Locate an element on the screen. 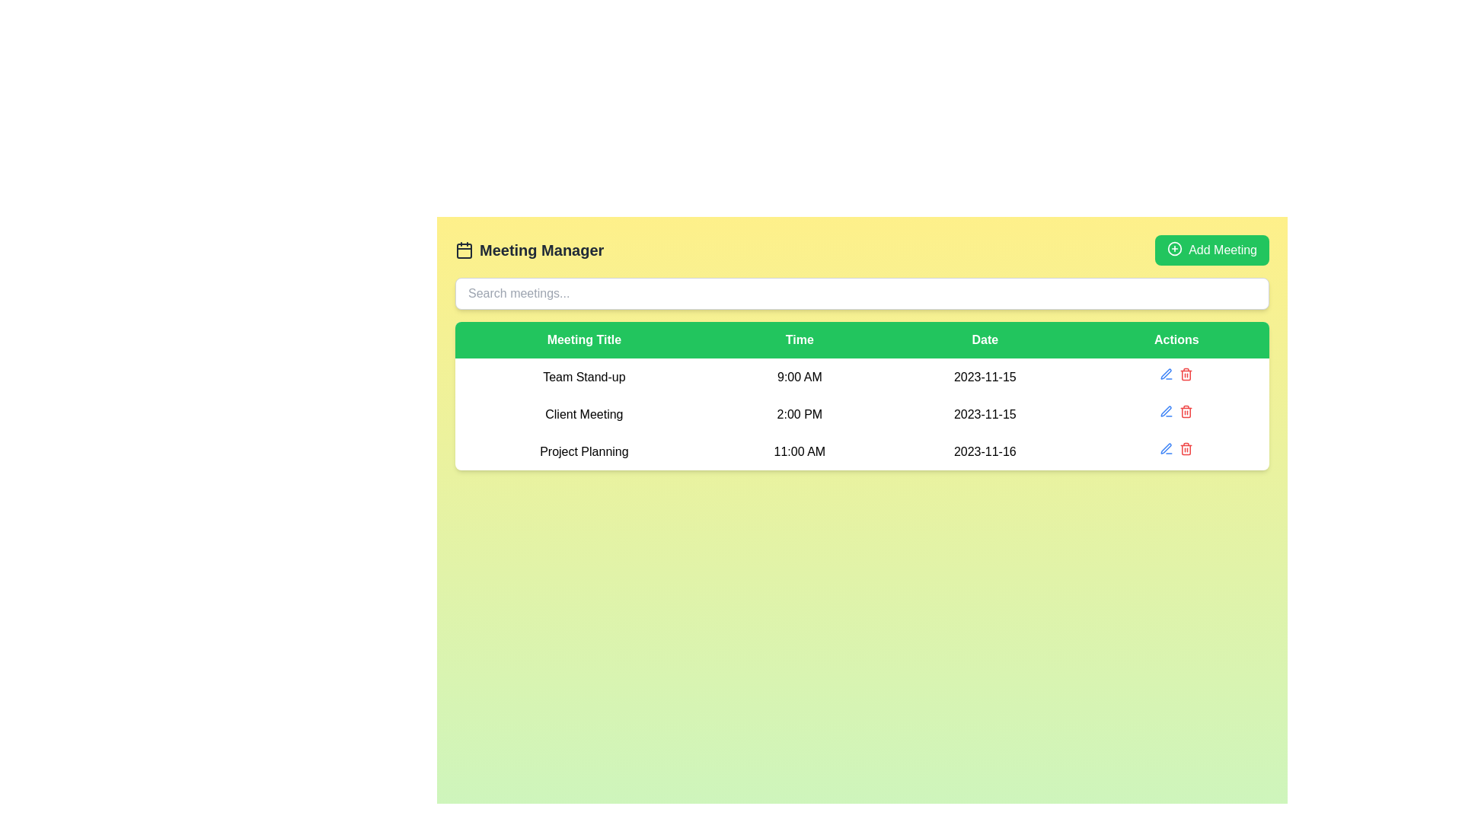  the header title 'Time' in the table is located at coordinates (799, 339).